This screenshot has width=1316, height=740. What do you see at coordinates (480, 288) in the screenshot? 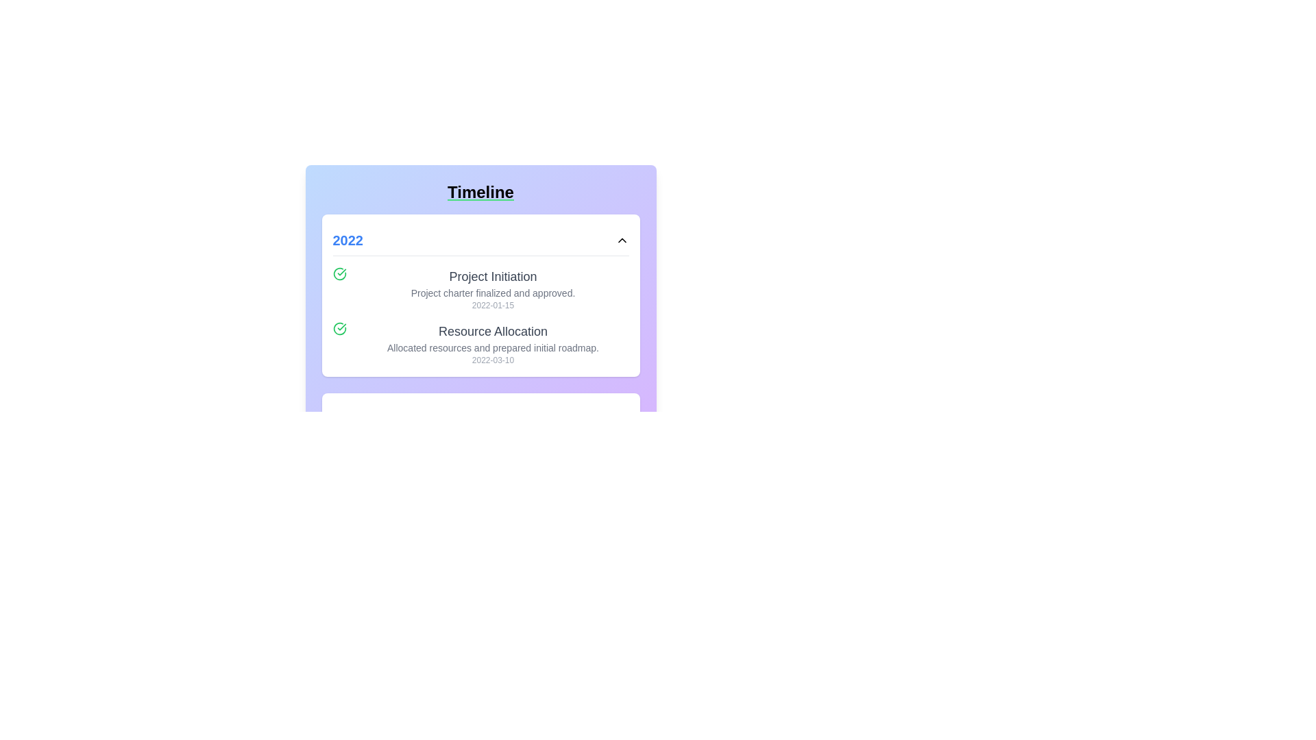
I see `the milestone entry titled 'Project Initiation' in the timeline` at bounding box center [480, 288].